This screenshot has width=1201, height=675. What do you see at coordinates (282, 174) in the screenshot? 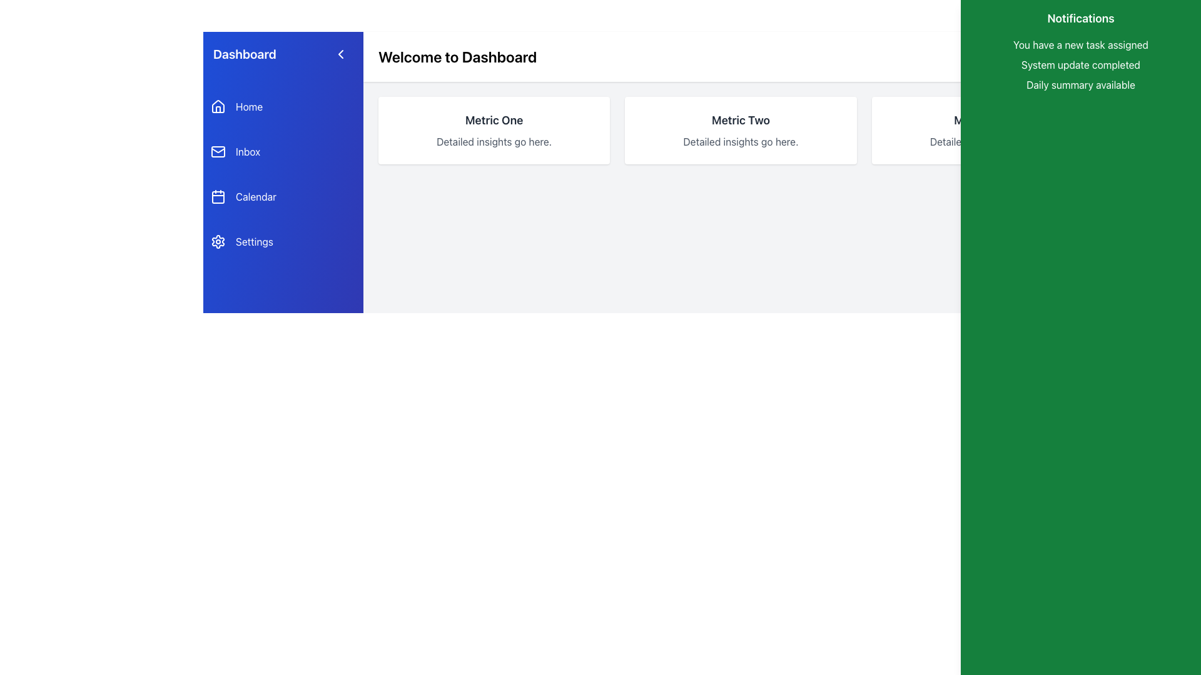
I see `the Navigation Menu located in the left sidebar below the 'Dashboard' header by moving the cursor to its center point` at bounding box center [282, 174].